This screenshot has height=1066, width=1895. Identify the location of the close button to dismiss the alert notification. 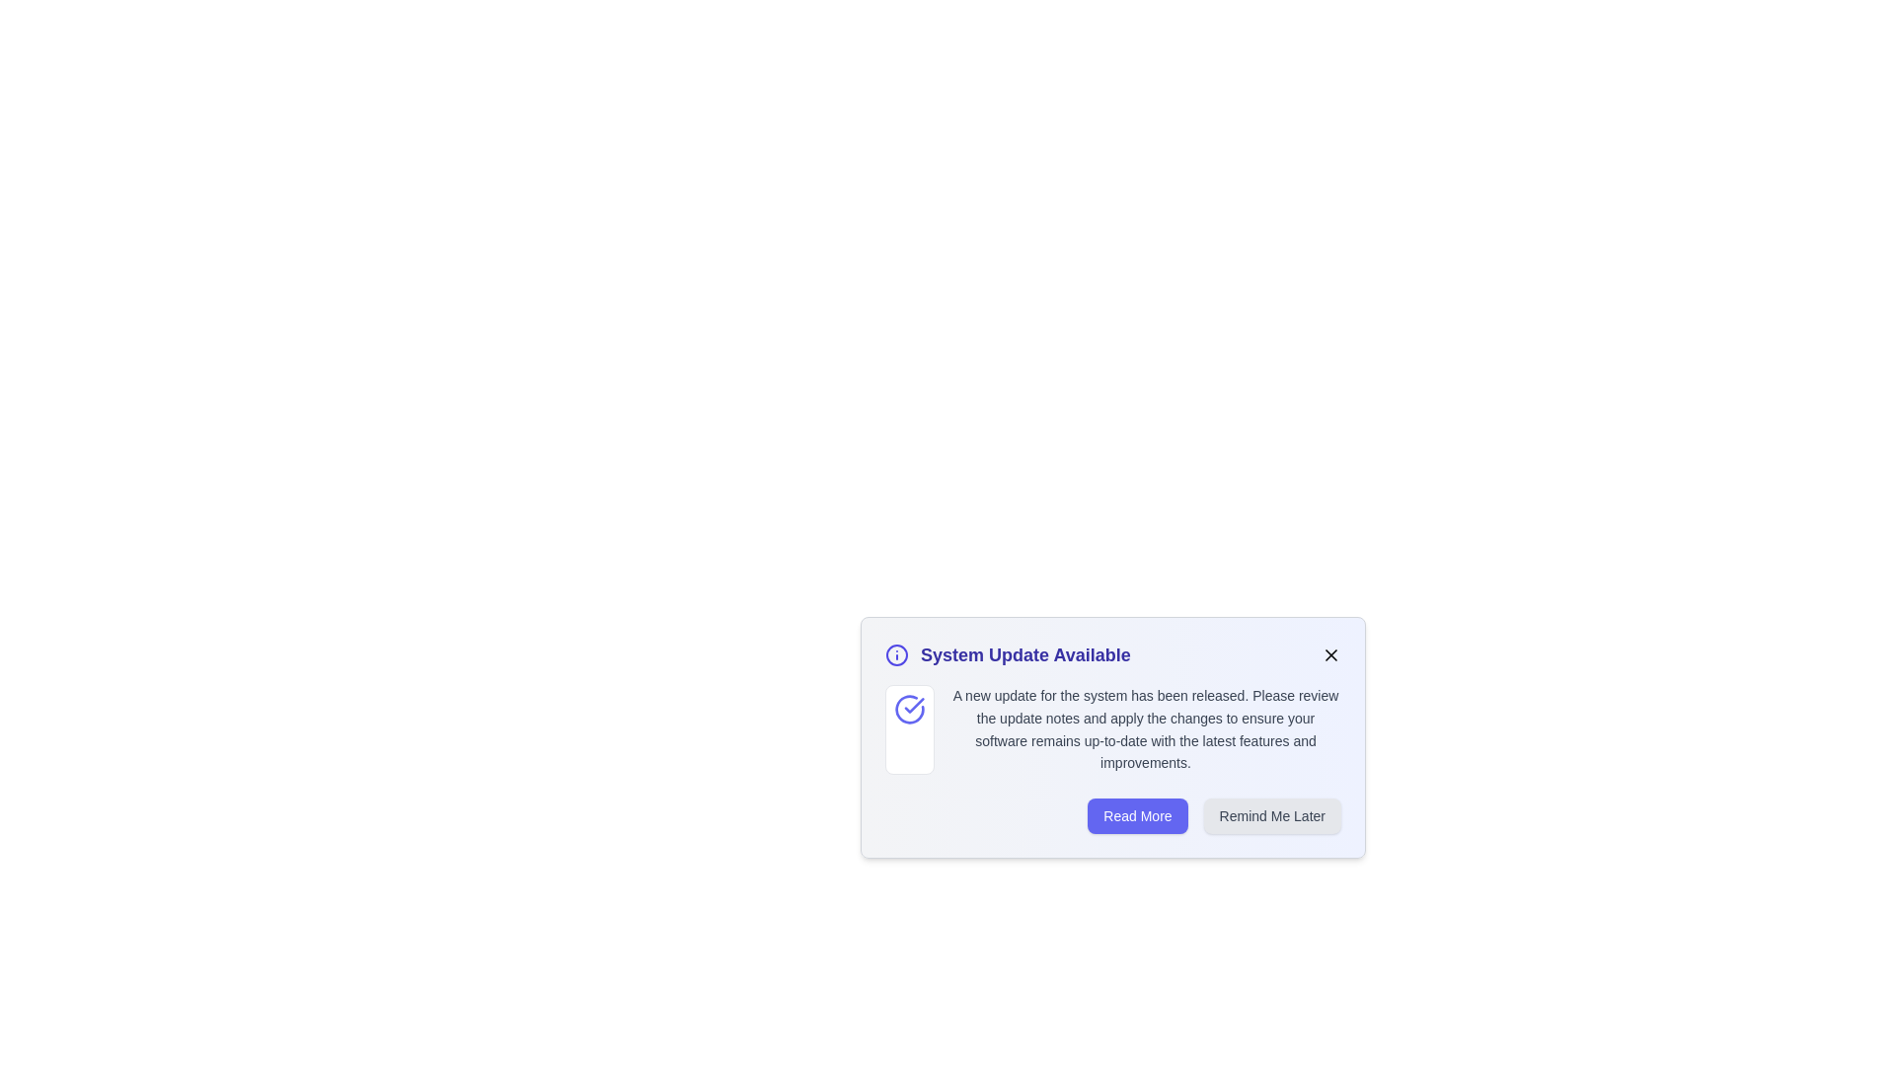
(1330, 654).